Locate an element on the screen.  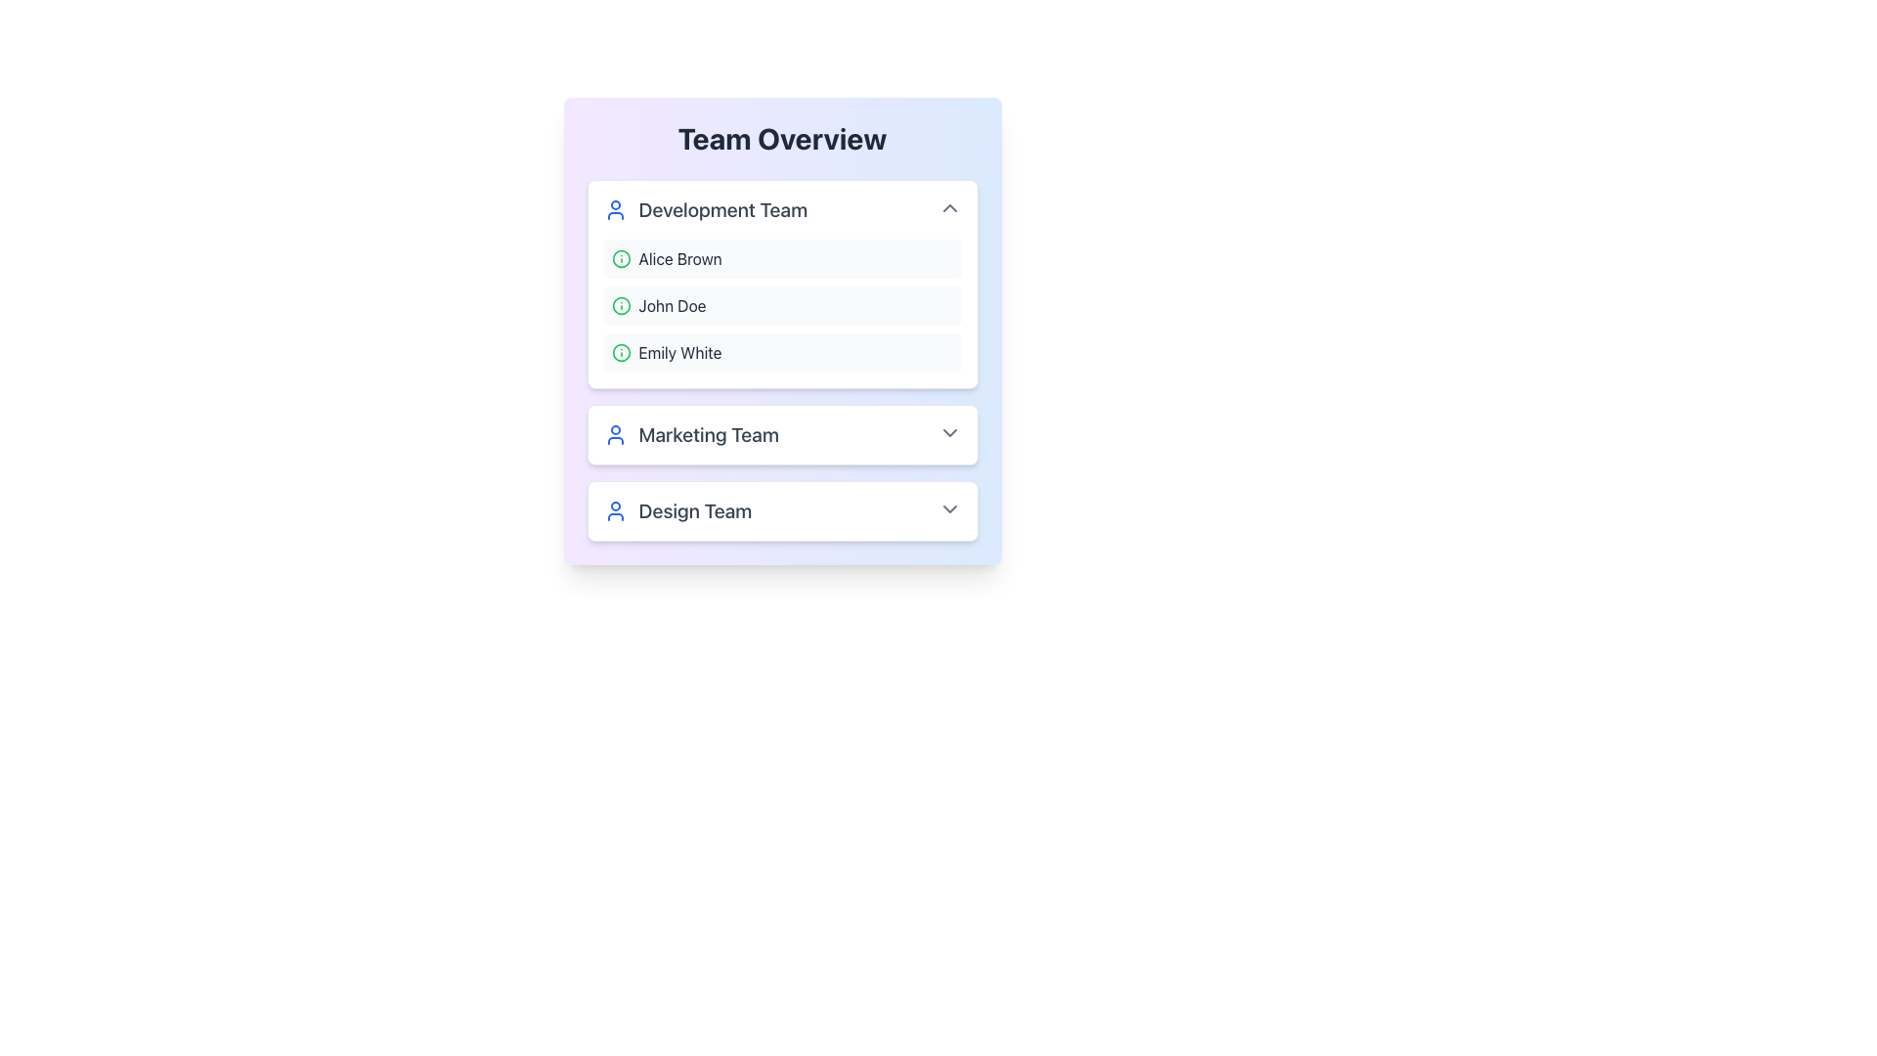
the 'info' icon with a green outline that is positioned to the left of the text 'Emily White' is located at coordinates (620, 353).